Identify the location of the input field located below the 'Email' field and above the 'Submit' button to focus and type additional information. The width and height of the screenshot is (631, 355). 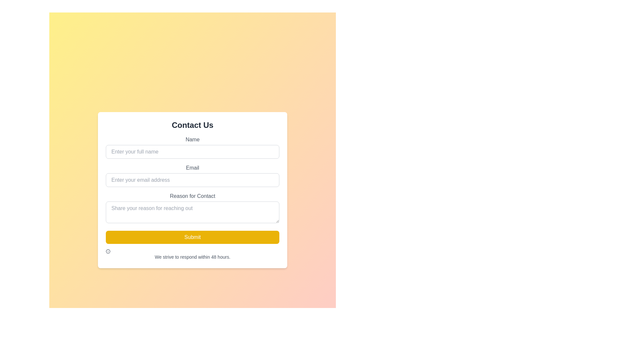
(192, 209).